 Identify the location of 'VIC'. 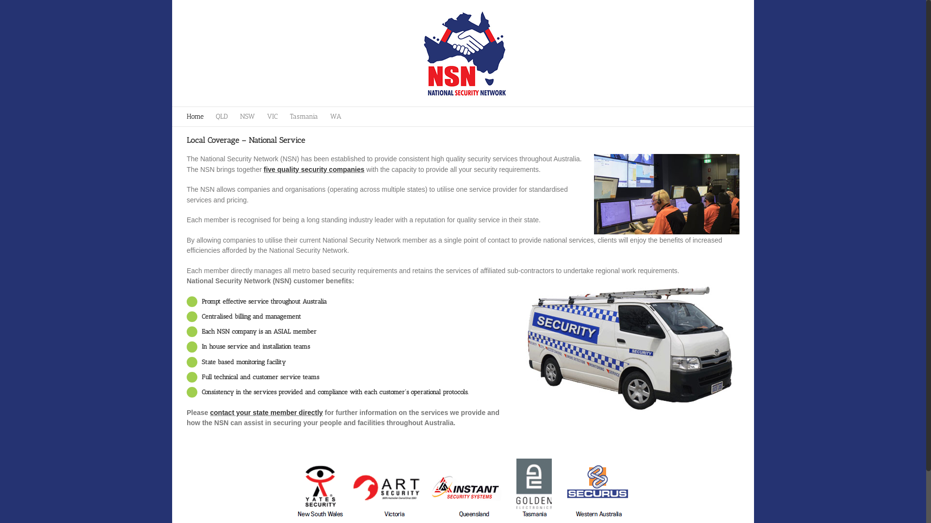
(272, 116).